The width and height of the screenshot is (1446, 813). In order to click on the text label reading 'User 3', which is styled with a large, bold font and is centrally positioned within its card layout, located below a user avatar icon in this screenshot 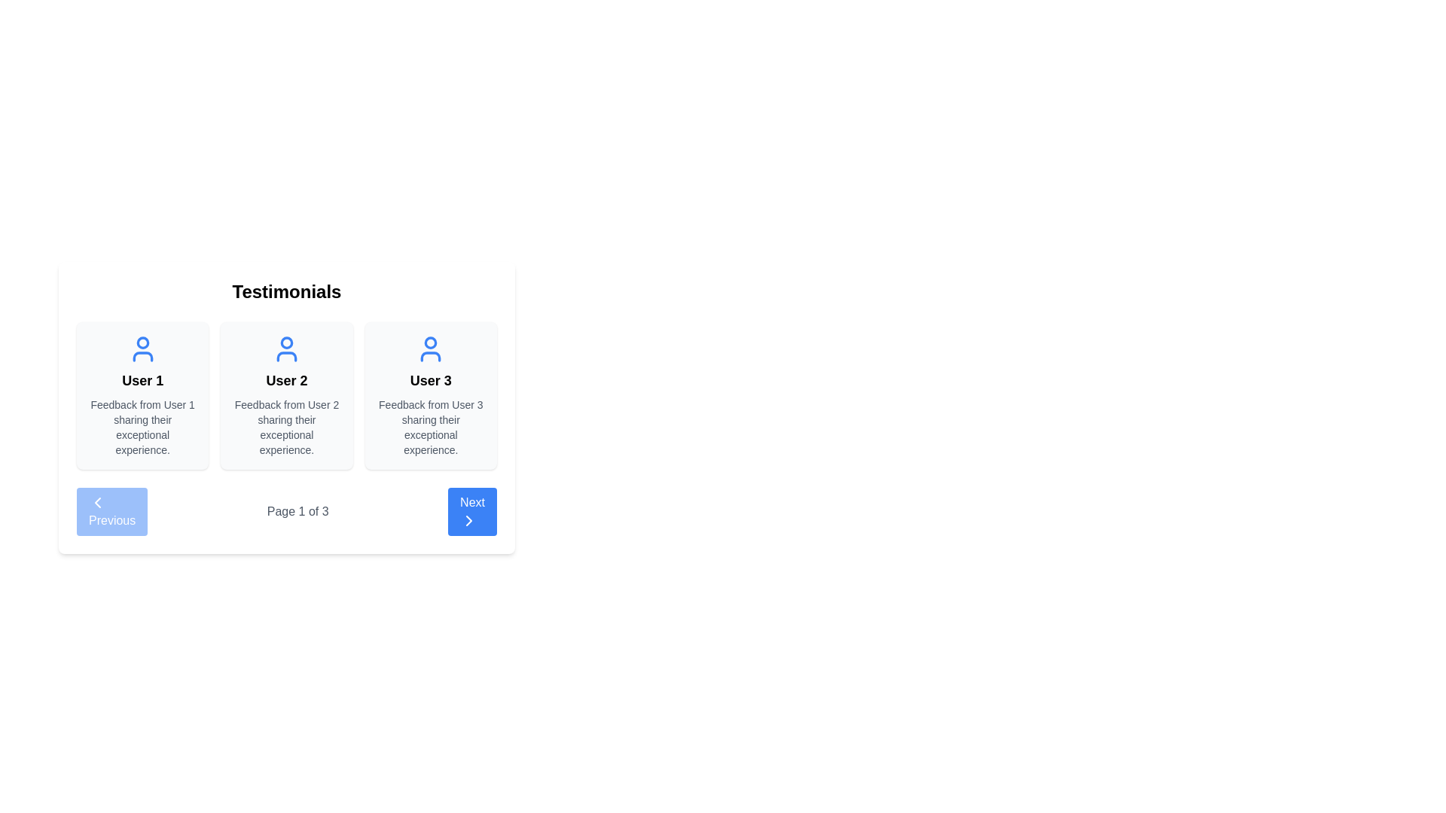, I will do `click(430, 379)`.